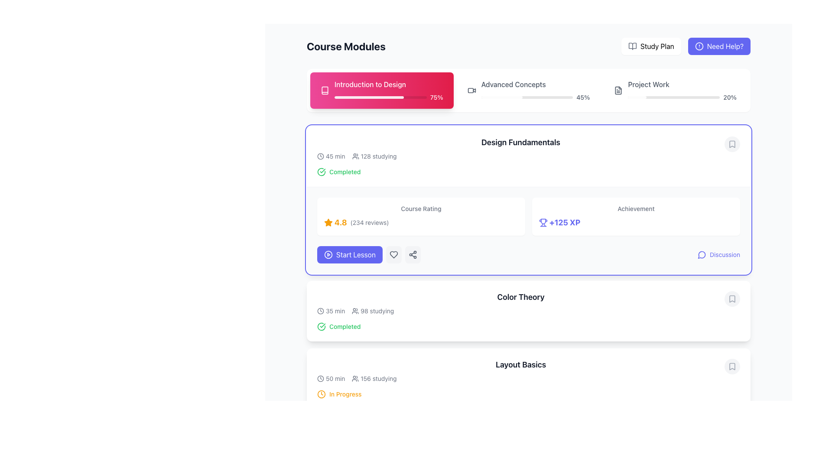  I want to click on the user icon that represents the concept of 'users' or 'participants', located to the left of the text '128 studying', so click(355, 156).